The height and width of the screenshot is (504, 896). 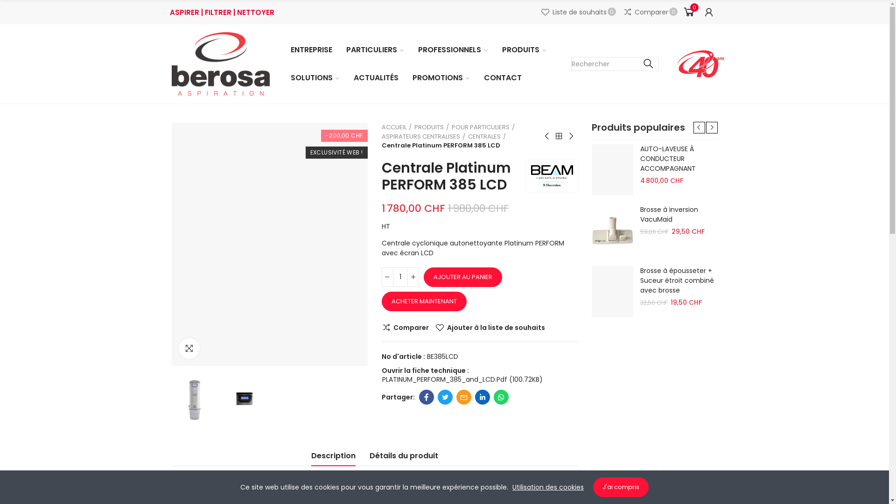 What do you see at coordinates (578, 12) in the screenshot?
I see `'Liste de souhaits` at bounding box center [578, 12].